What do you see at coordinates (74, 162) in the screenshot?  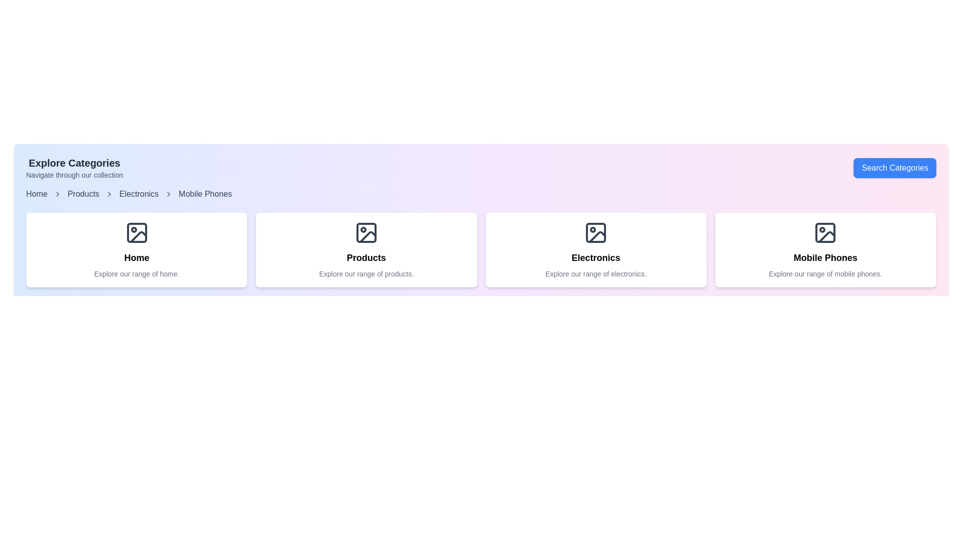 I see `the 'Explore Categories' text label, which is a prominent header displayed in large, bold dark gray font at the top-left corner of the interface` at bounding box center [74, 162].